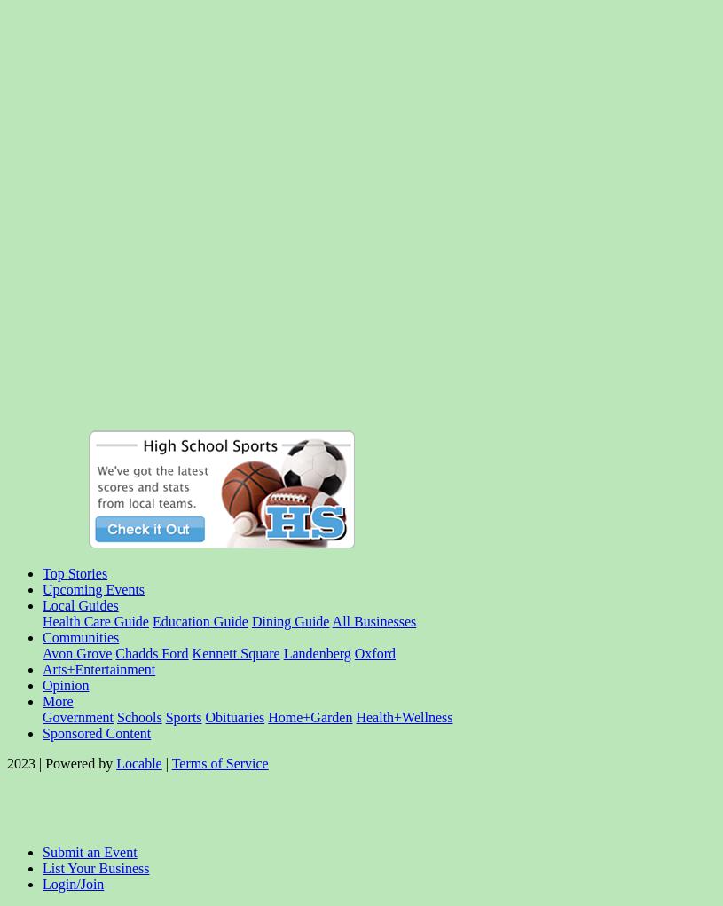 The width and height of the screenshot is (723, 906). What do you see at coordinates (92, 588) in the screenshot?
I see `'Upcoming Events'` at bounding box center [92, 588].